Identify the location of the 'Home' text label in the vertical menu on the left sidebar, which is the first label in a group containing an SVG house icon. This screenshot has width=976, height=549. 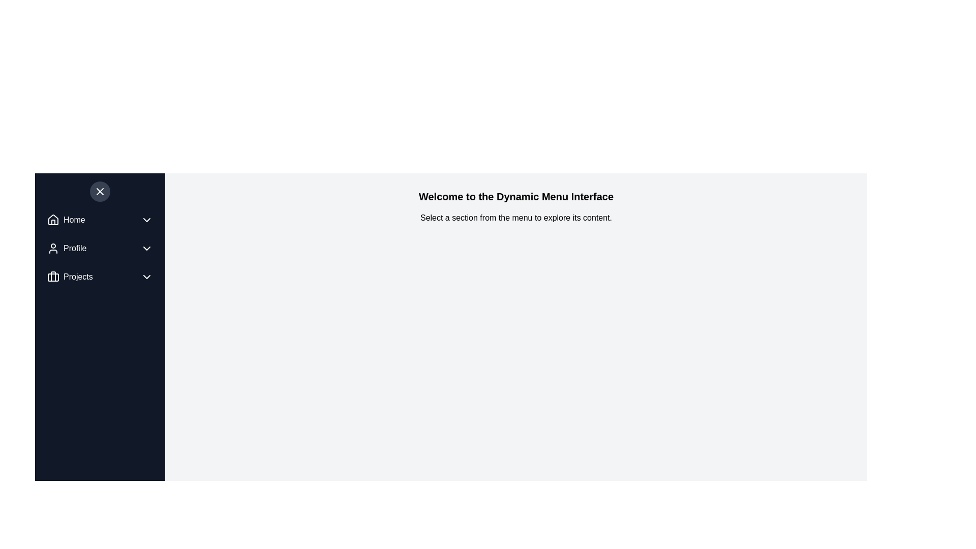
(74, 219).